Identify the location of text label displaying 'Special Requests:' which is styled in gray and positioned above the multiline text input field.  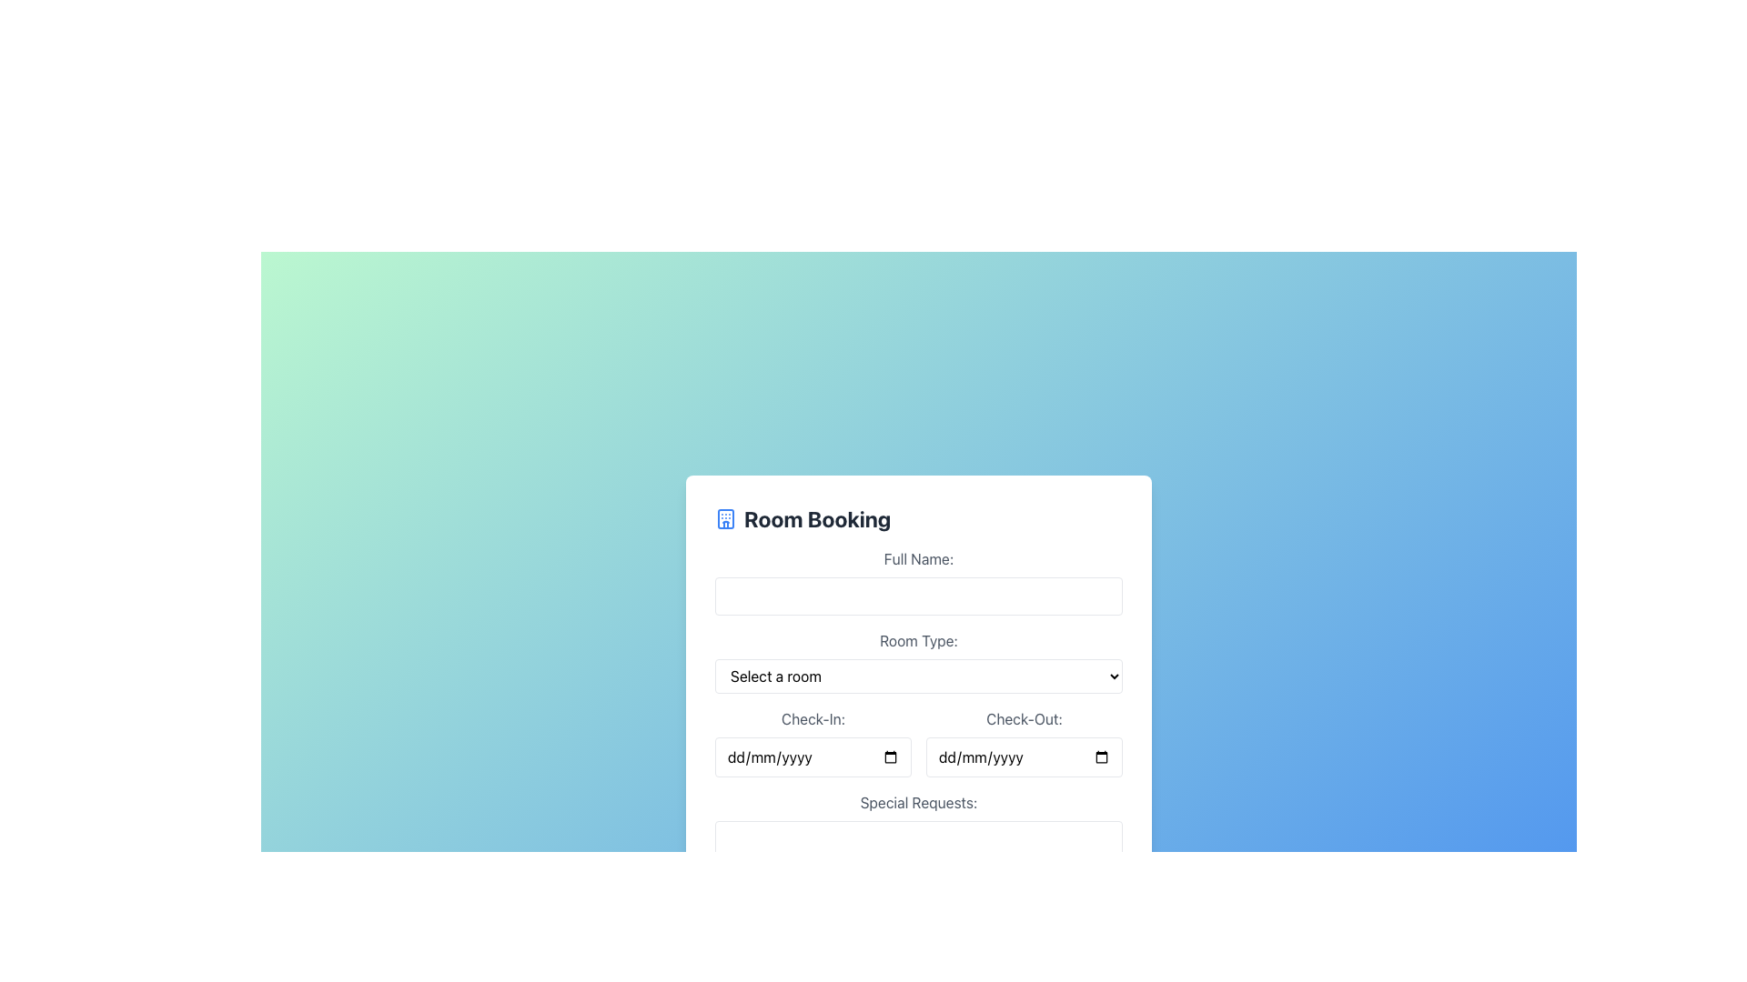
(918, 802).